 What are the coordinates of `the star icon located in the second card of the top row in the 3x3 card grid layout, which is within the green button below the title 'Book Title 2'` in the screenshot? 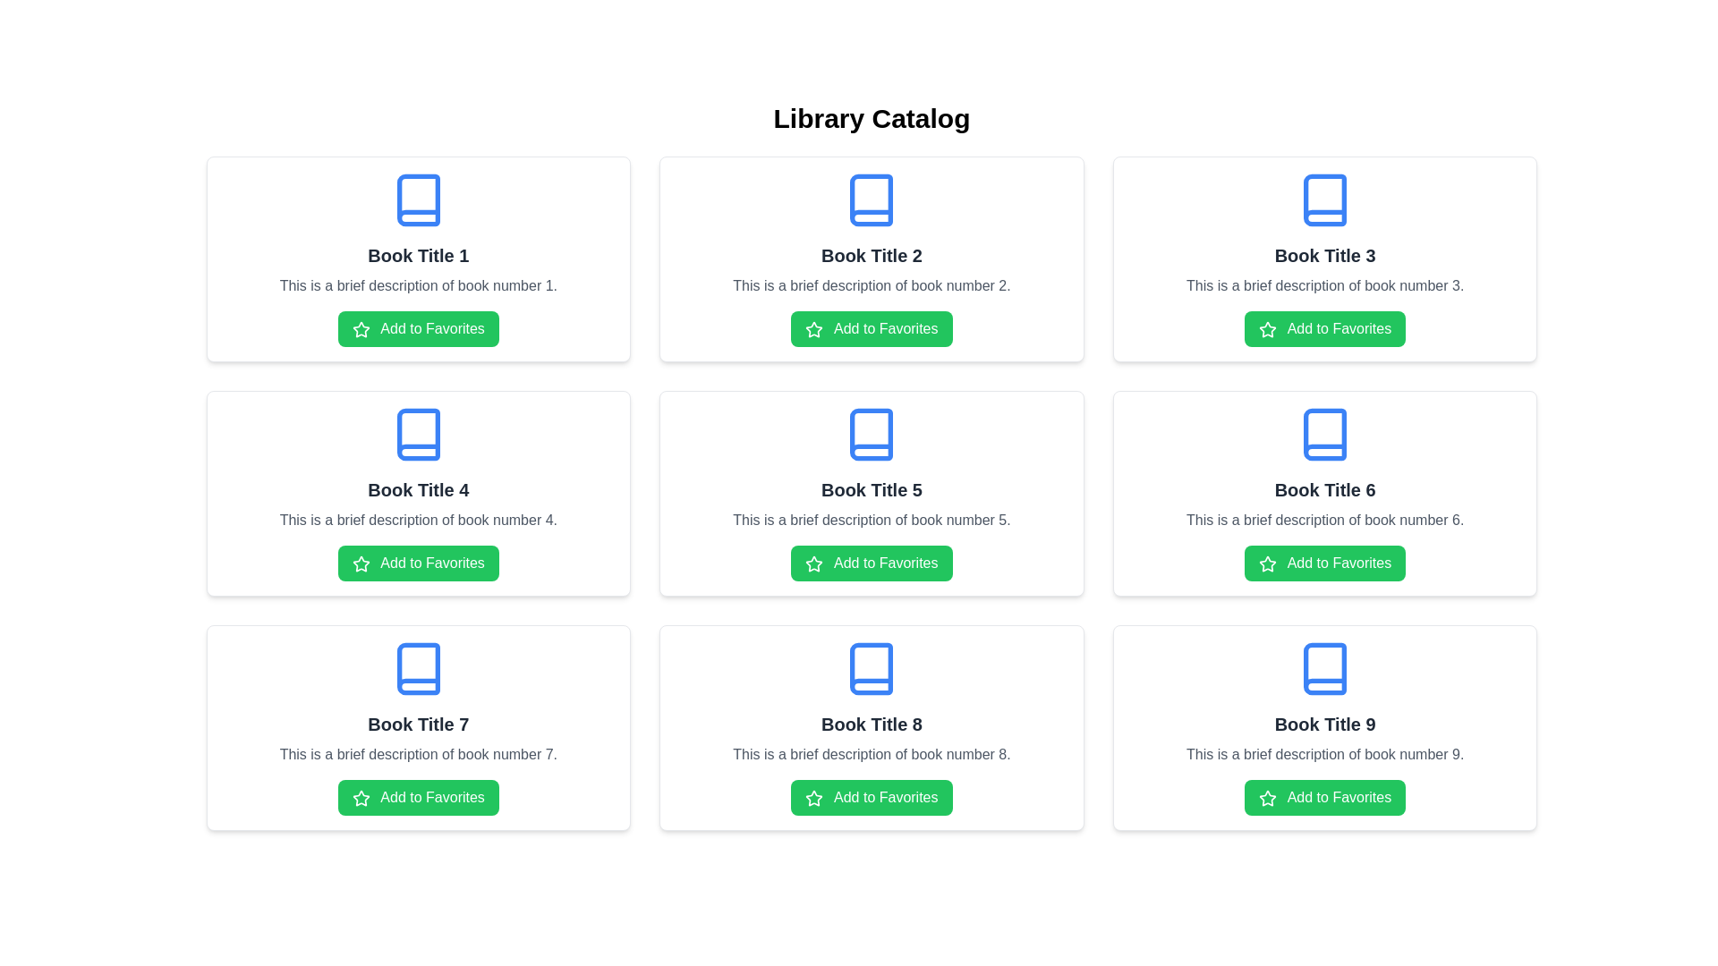 It's located at (813, 328).